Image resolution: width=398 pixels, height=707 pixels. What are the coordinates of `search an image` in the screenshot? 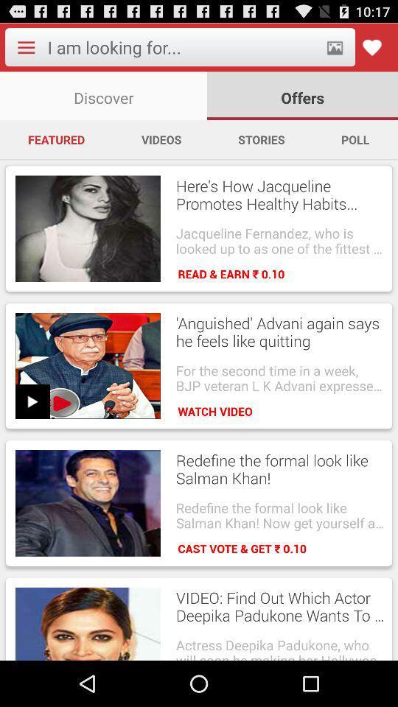 It's located at (335, 47).